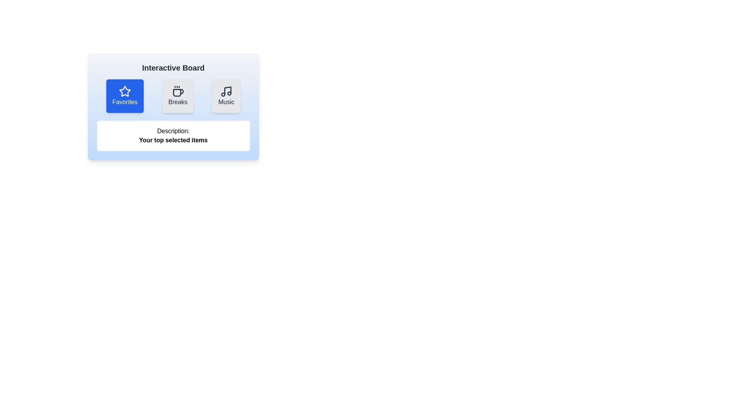 This screenshot has height=412, width=734. Describe the element at coordinates (177, 95) in the screenshot. I see `the Breaks button to select it` at that location.